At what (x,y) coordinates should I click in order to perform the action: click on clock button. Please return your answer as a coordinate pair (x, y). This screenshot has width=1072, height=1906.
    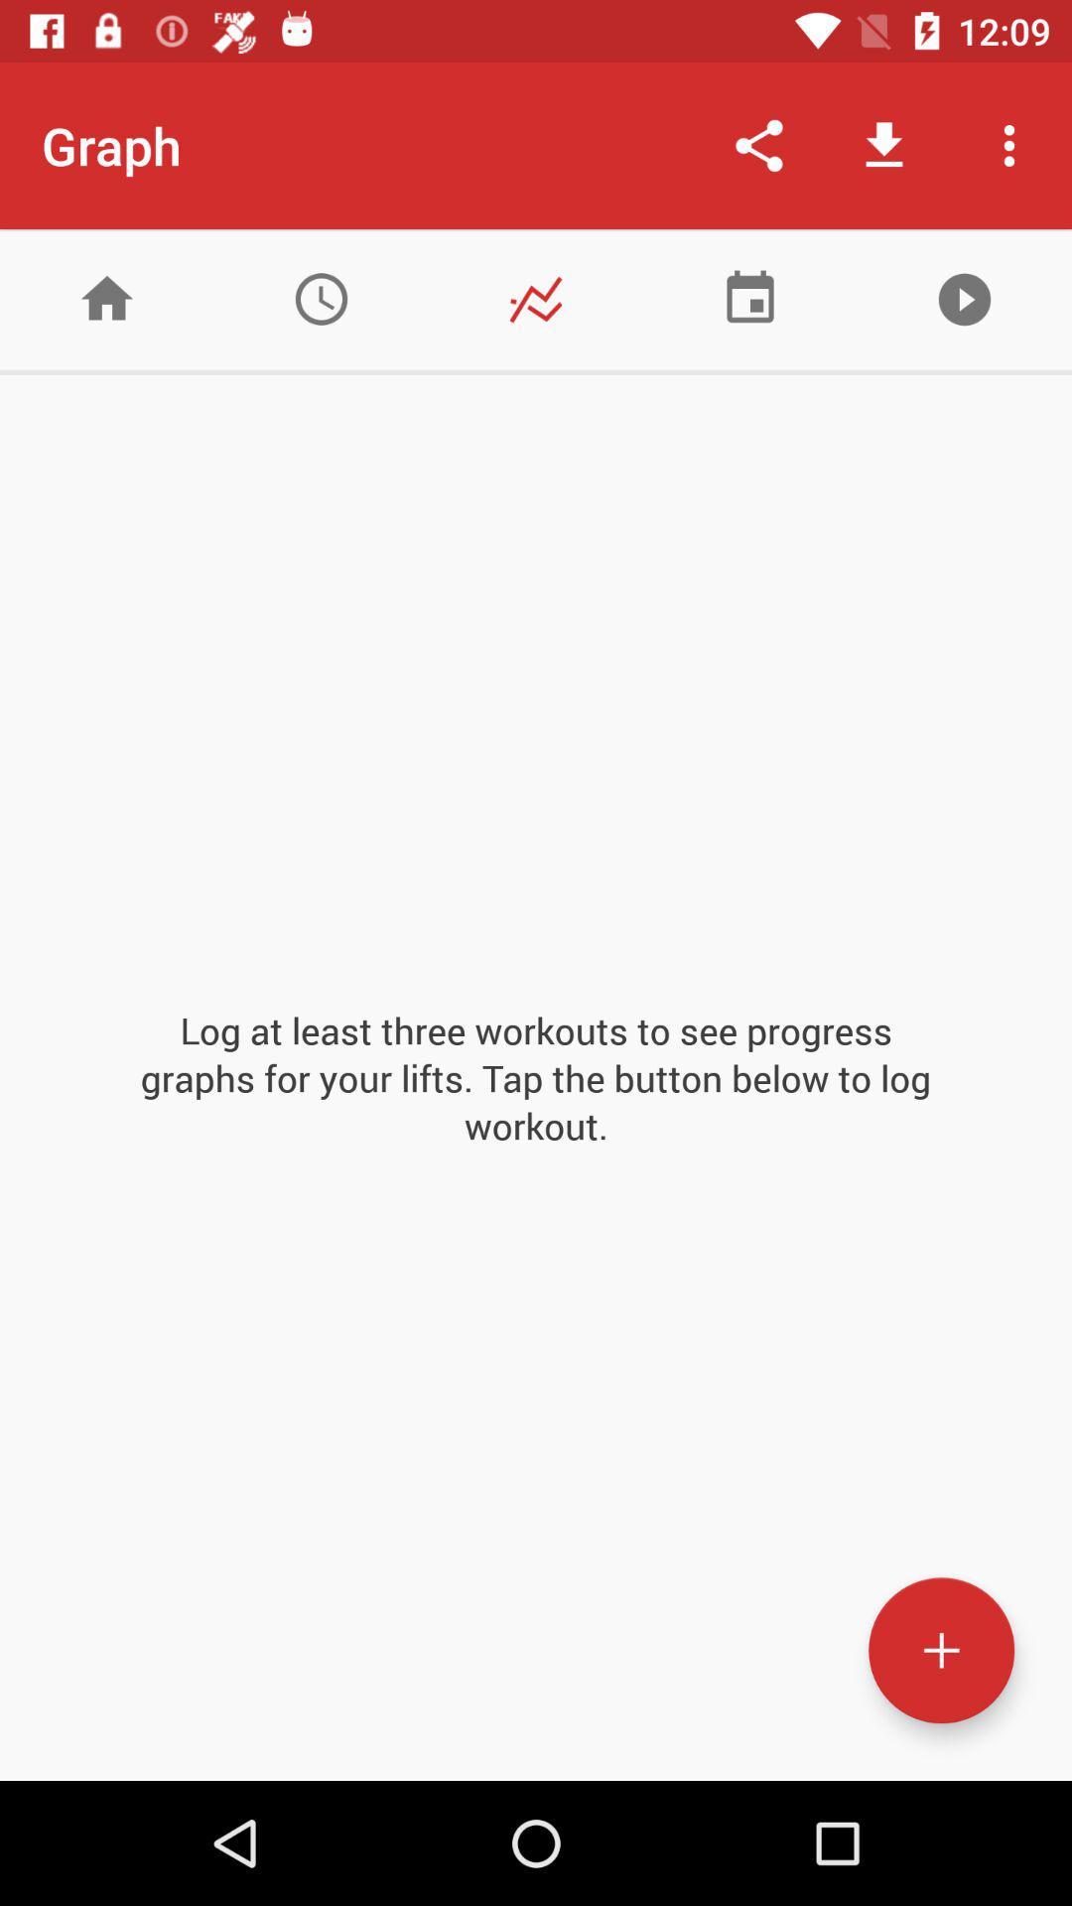
    Looking at the image, I should click on (321, 298).